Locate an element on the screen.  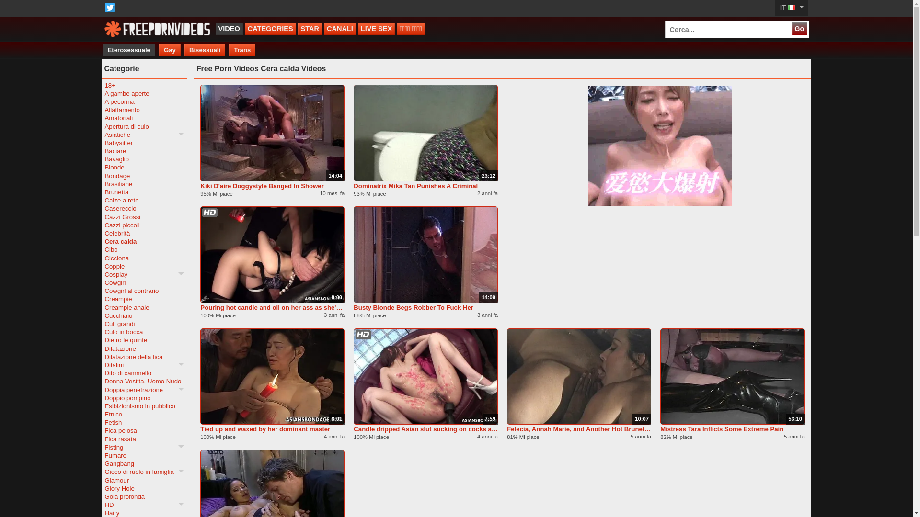
'Cibo' is located at coordinates (144, 249).